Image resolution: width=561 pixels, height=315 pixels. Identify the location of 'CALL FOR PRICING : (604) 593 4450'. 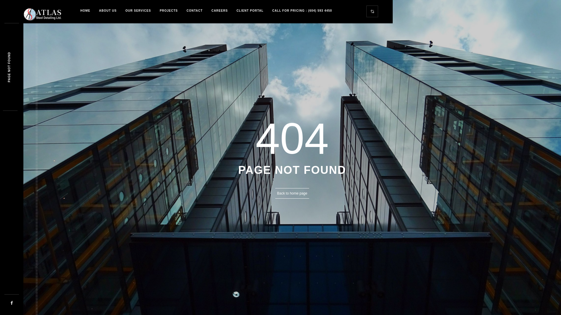
(302, 11).